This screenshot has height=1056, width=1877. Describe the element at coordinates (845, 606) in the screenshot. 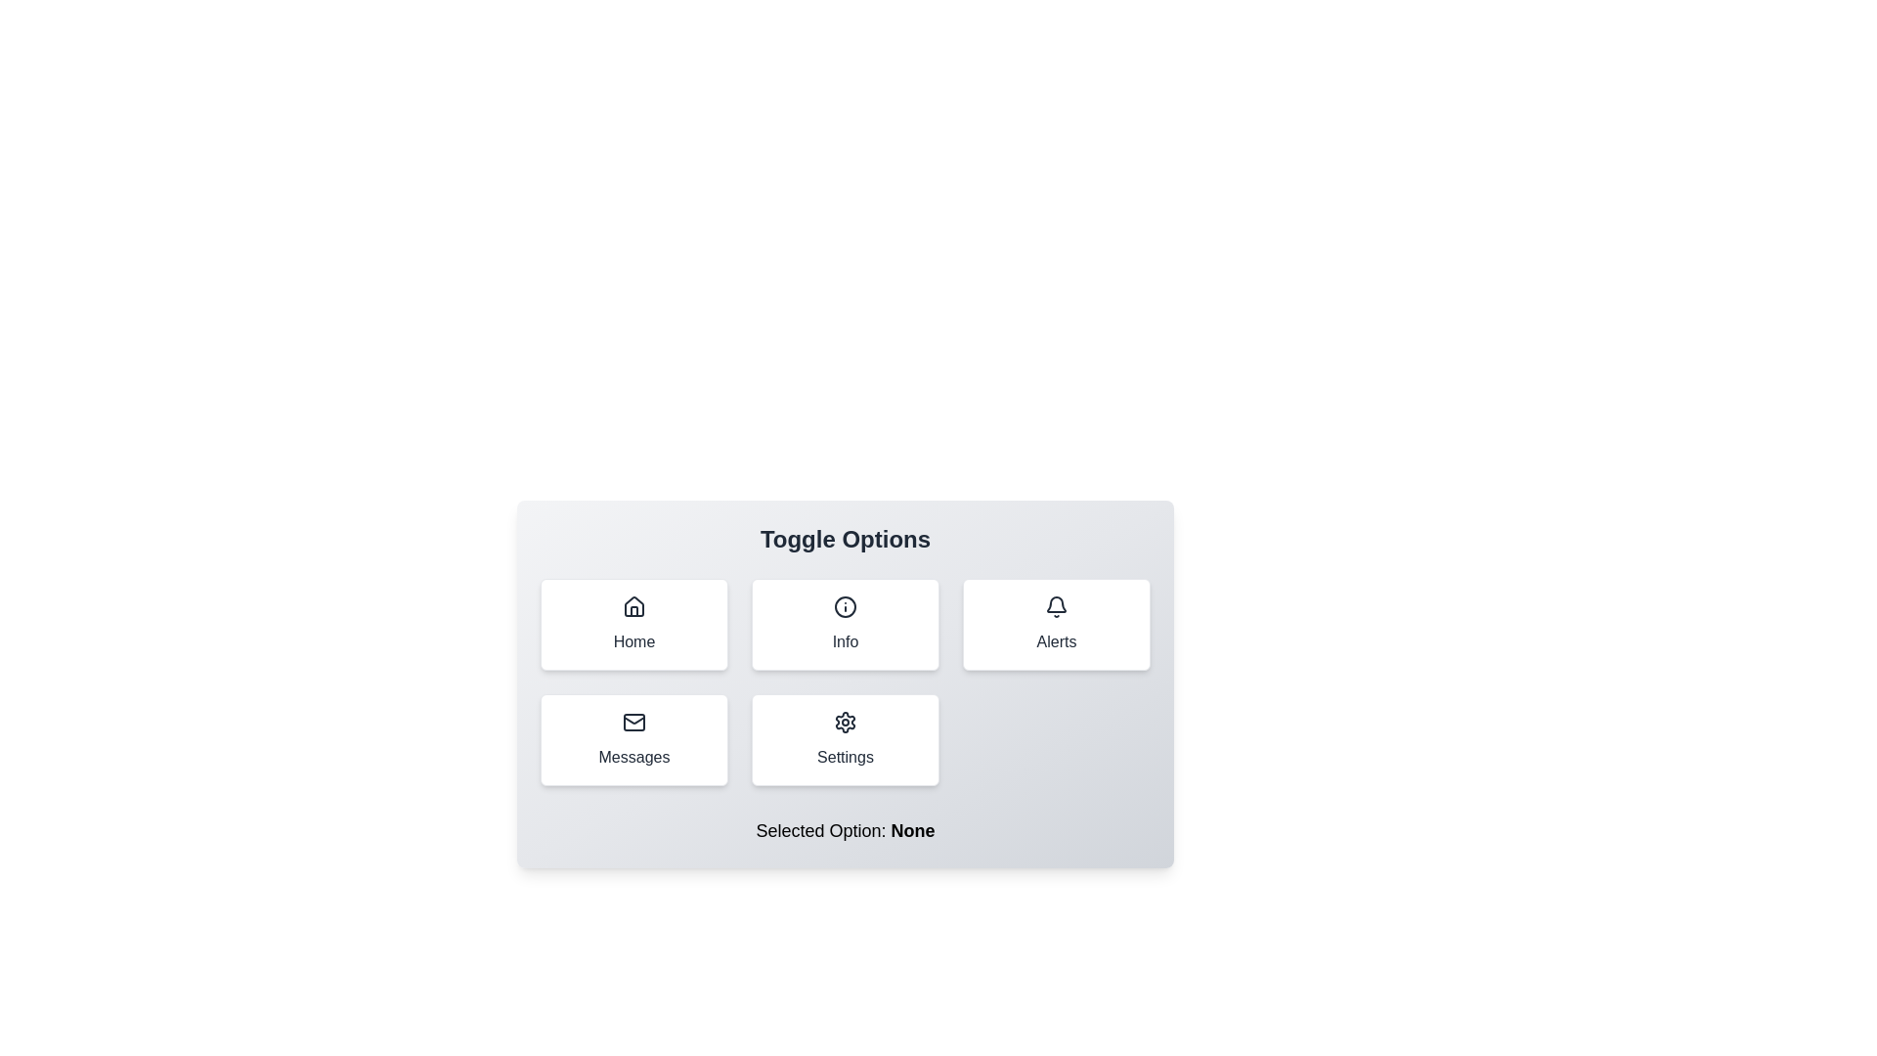

I see `the circular graphical icon component with a thin black outline and filled with white, located in the second column of the first row in the grid layout` at that location.